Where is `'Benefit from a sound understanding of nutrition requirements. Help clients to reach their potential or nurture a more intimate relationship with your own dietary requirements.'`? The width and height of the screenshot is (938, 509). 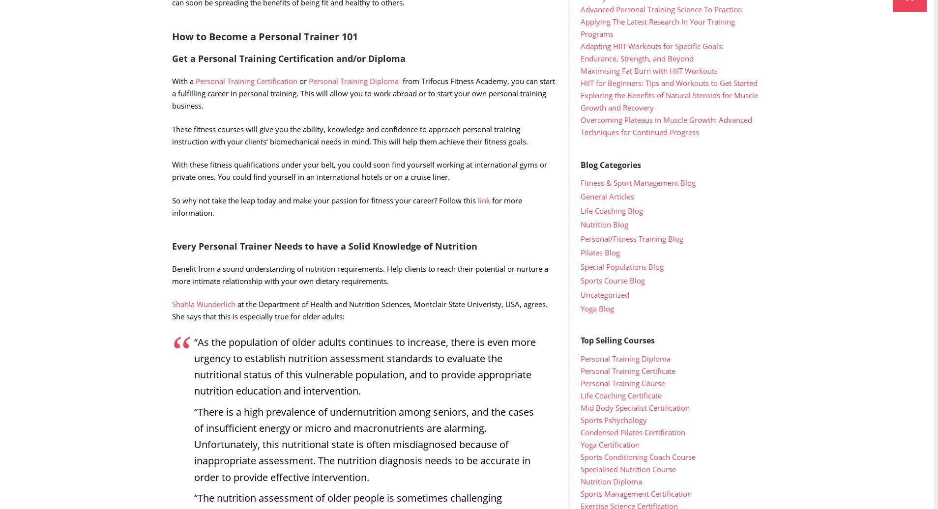 'Benefit from a sound understanding of nutrition requirements. Help clients to reach their potential or nurture a more intimate relationship with your own dietary requirements.' is located at coordinates (360, 294).